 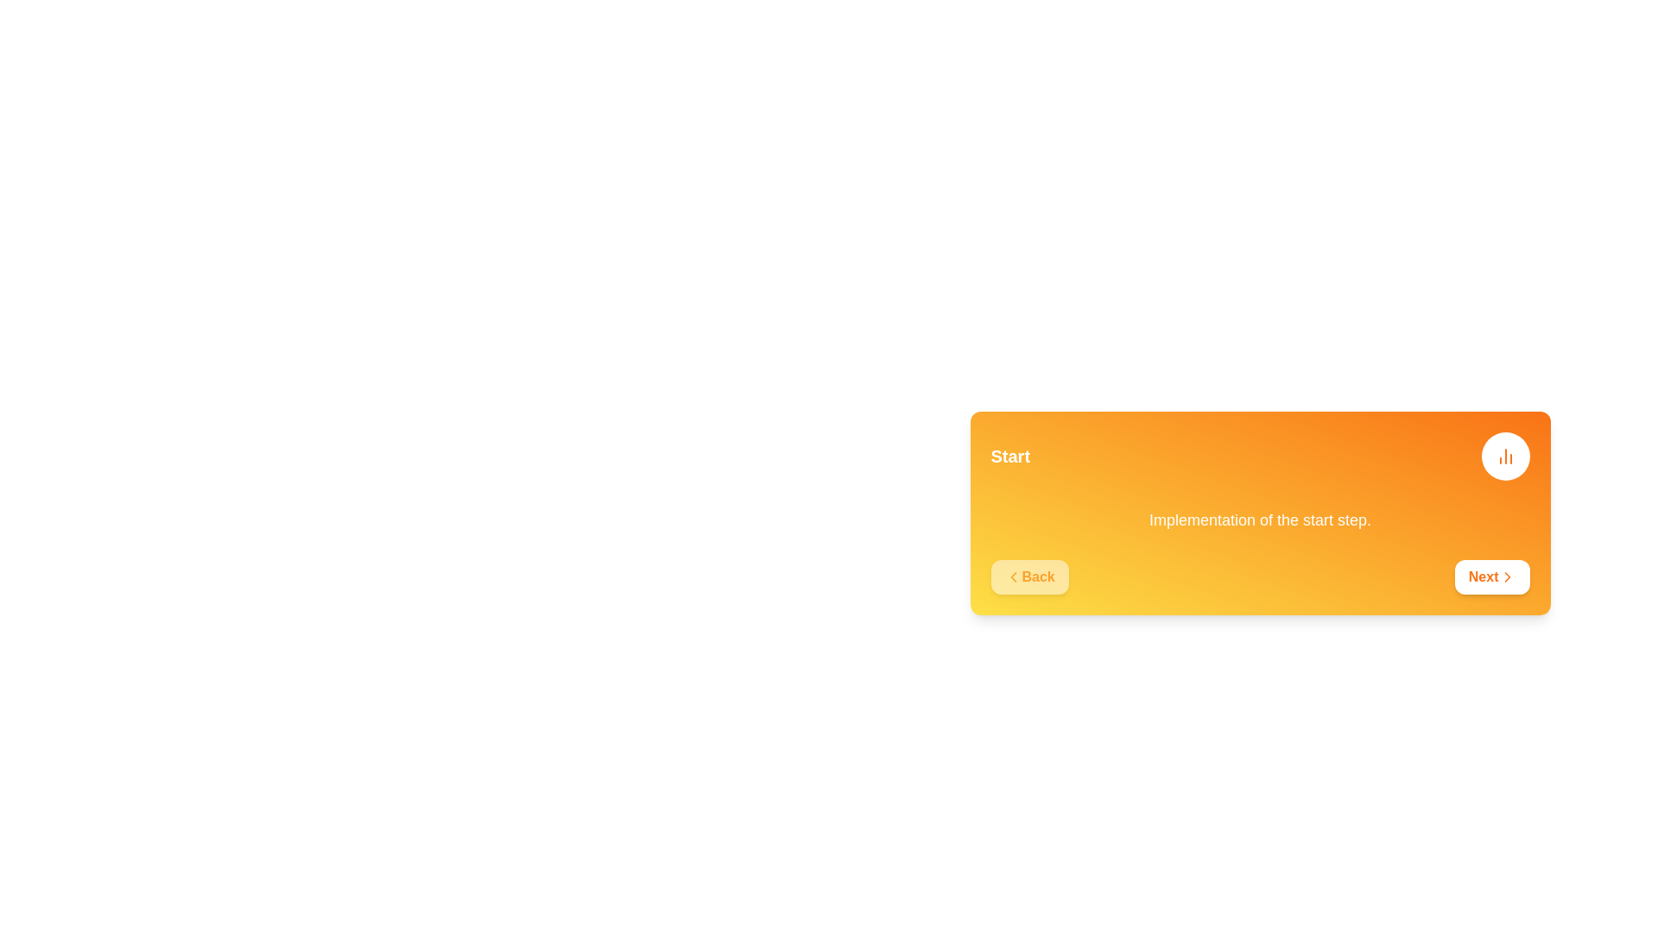 I want to click on the 'Back' navigation button which contains the backward direction SVG icon, so click(x=1013, y=576).